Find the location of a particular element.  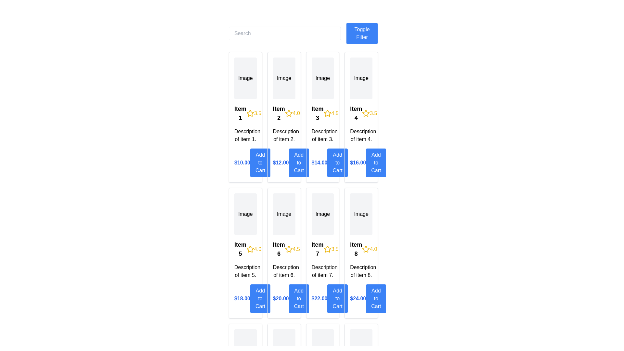

the Rating display element, which consists of a yellow star icon followed by the text '4.0', located in the card labeled 'Item 8' in the fourth column of the second row is located at coordinates (370, 249).